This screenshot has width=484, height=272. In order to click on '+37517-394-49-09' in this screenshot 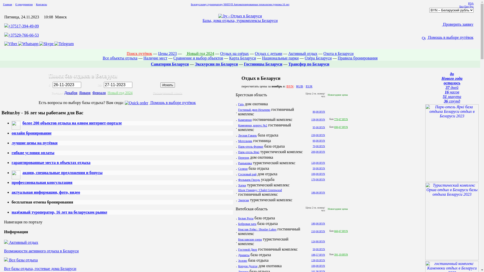, I will do `click(8, 26)`.